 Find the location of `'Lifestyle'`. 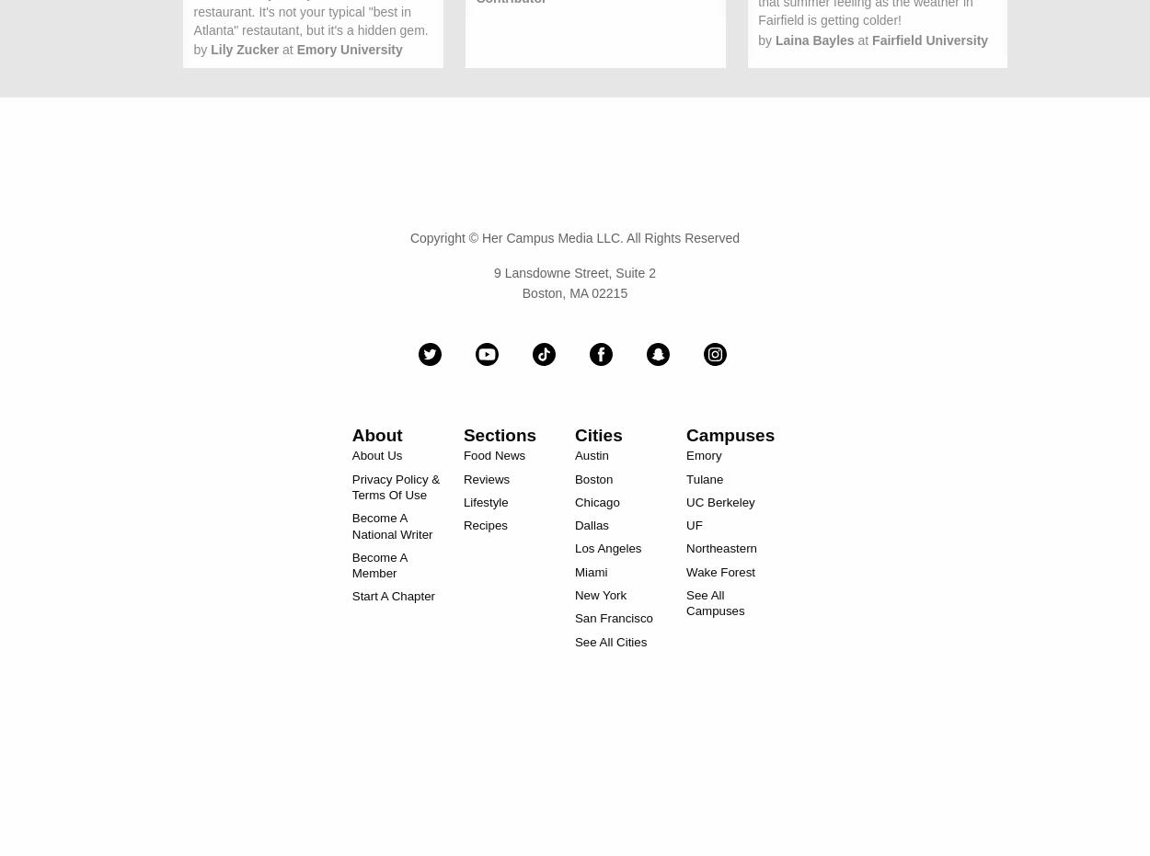

'Lifestyle' is located at coordinates (485, 500).